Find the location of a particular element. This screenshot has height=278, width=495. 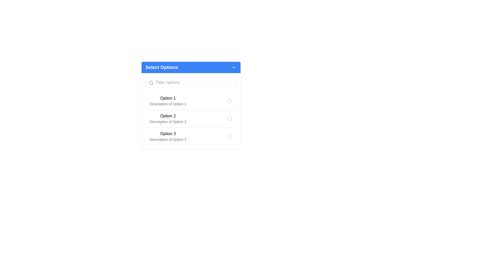

the first list item labeled 'Option 1' is located at coordinates (191, 104).